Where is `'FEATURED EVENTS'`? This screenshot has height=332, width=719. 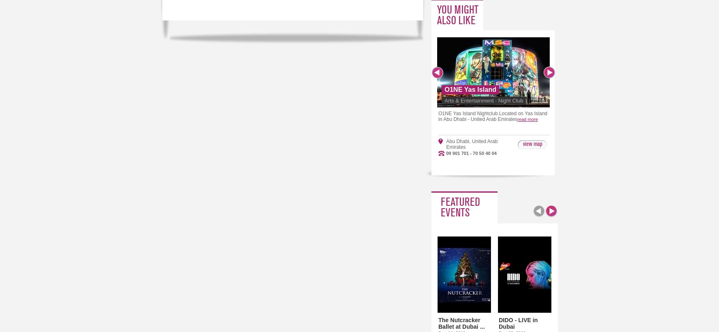 'FEATURED EVENTS' is located at coordinates (460, 207).